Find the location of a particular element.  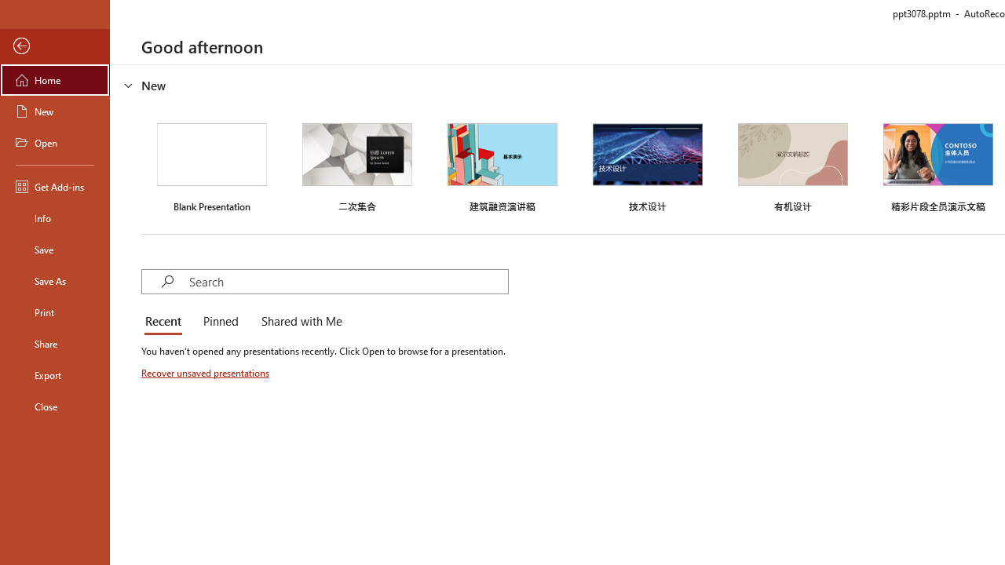

'Get Add-ins' is located at coordinates (54, 185).